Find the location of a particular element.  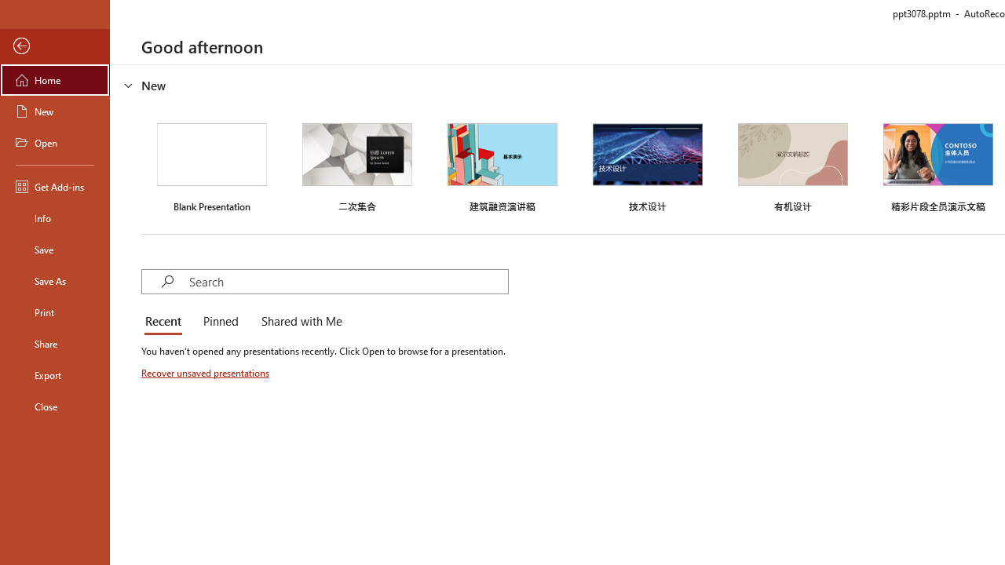

'Get Add-ins' is located at coordinates (54, 185).